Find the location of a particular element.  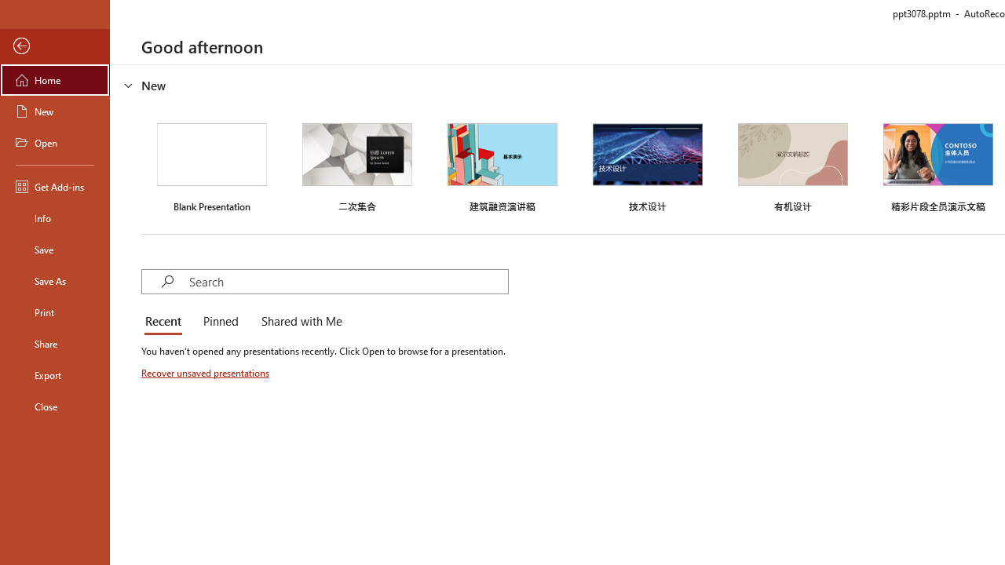

'Get Add-ins' is located at coordinates (54, 185).